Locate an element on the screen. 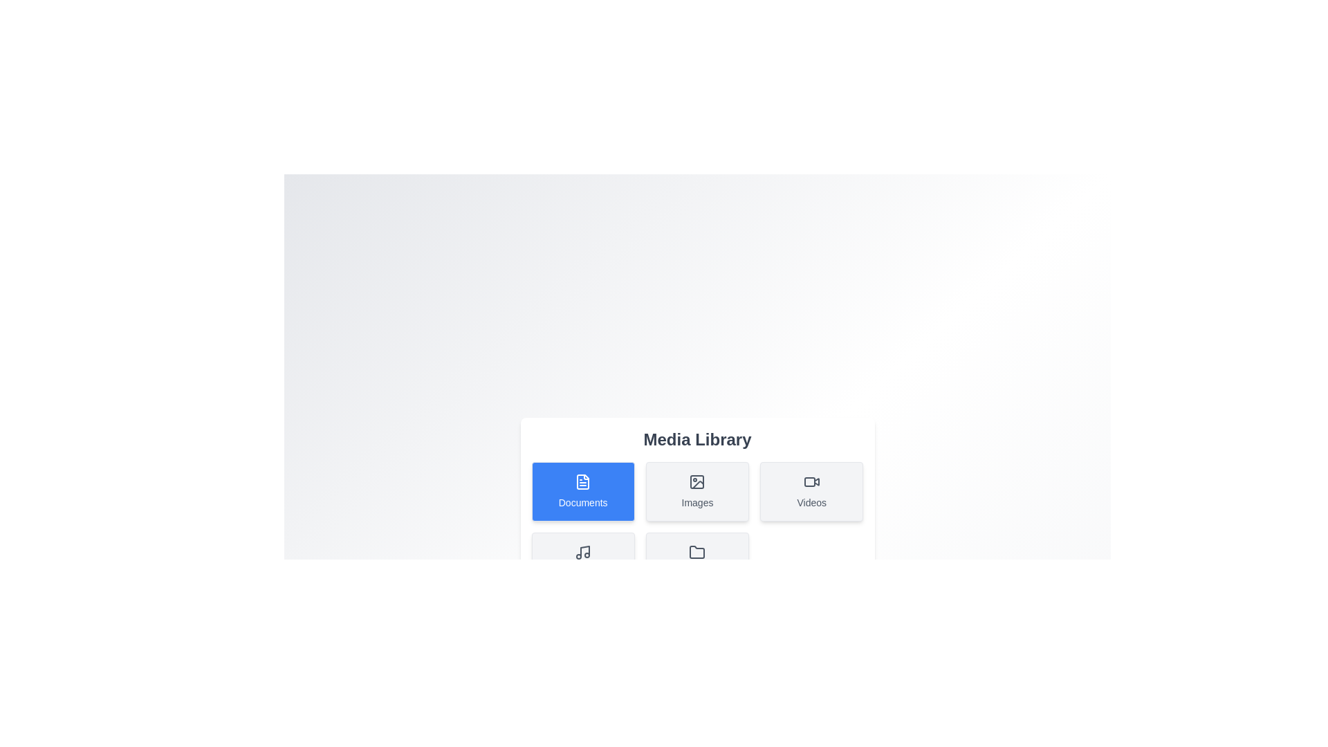 This screenshot has height=747, width=1328. the media category Documents by clicking its respective button is located at coordinates (583, 490).